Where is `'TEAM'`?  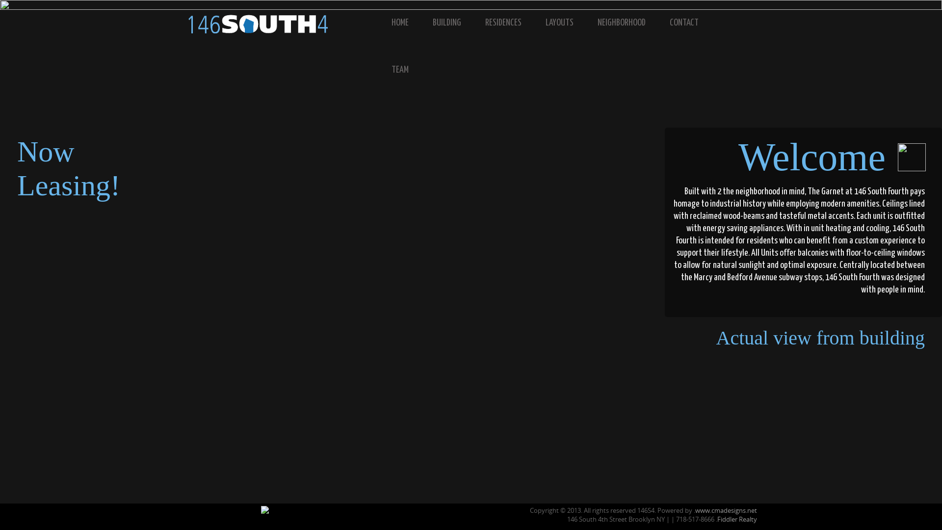
'TEAM' is located at coordinates (407, 70).